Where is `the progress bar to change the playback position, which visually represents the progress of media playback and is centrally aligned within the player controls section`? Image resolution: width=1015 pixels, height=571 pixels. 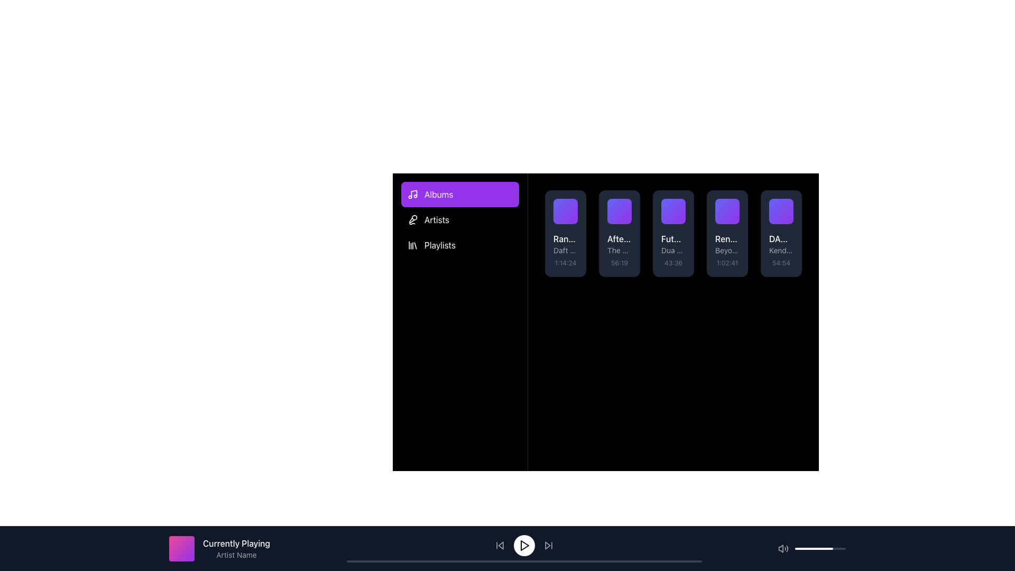 the progress bar to change the playback position, which visually represents the progress of media playback and is centrally aligned within the player controls section is located at coordinates (524, 560).